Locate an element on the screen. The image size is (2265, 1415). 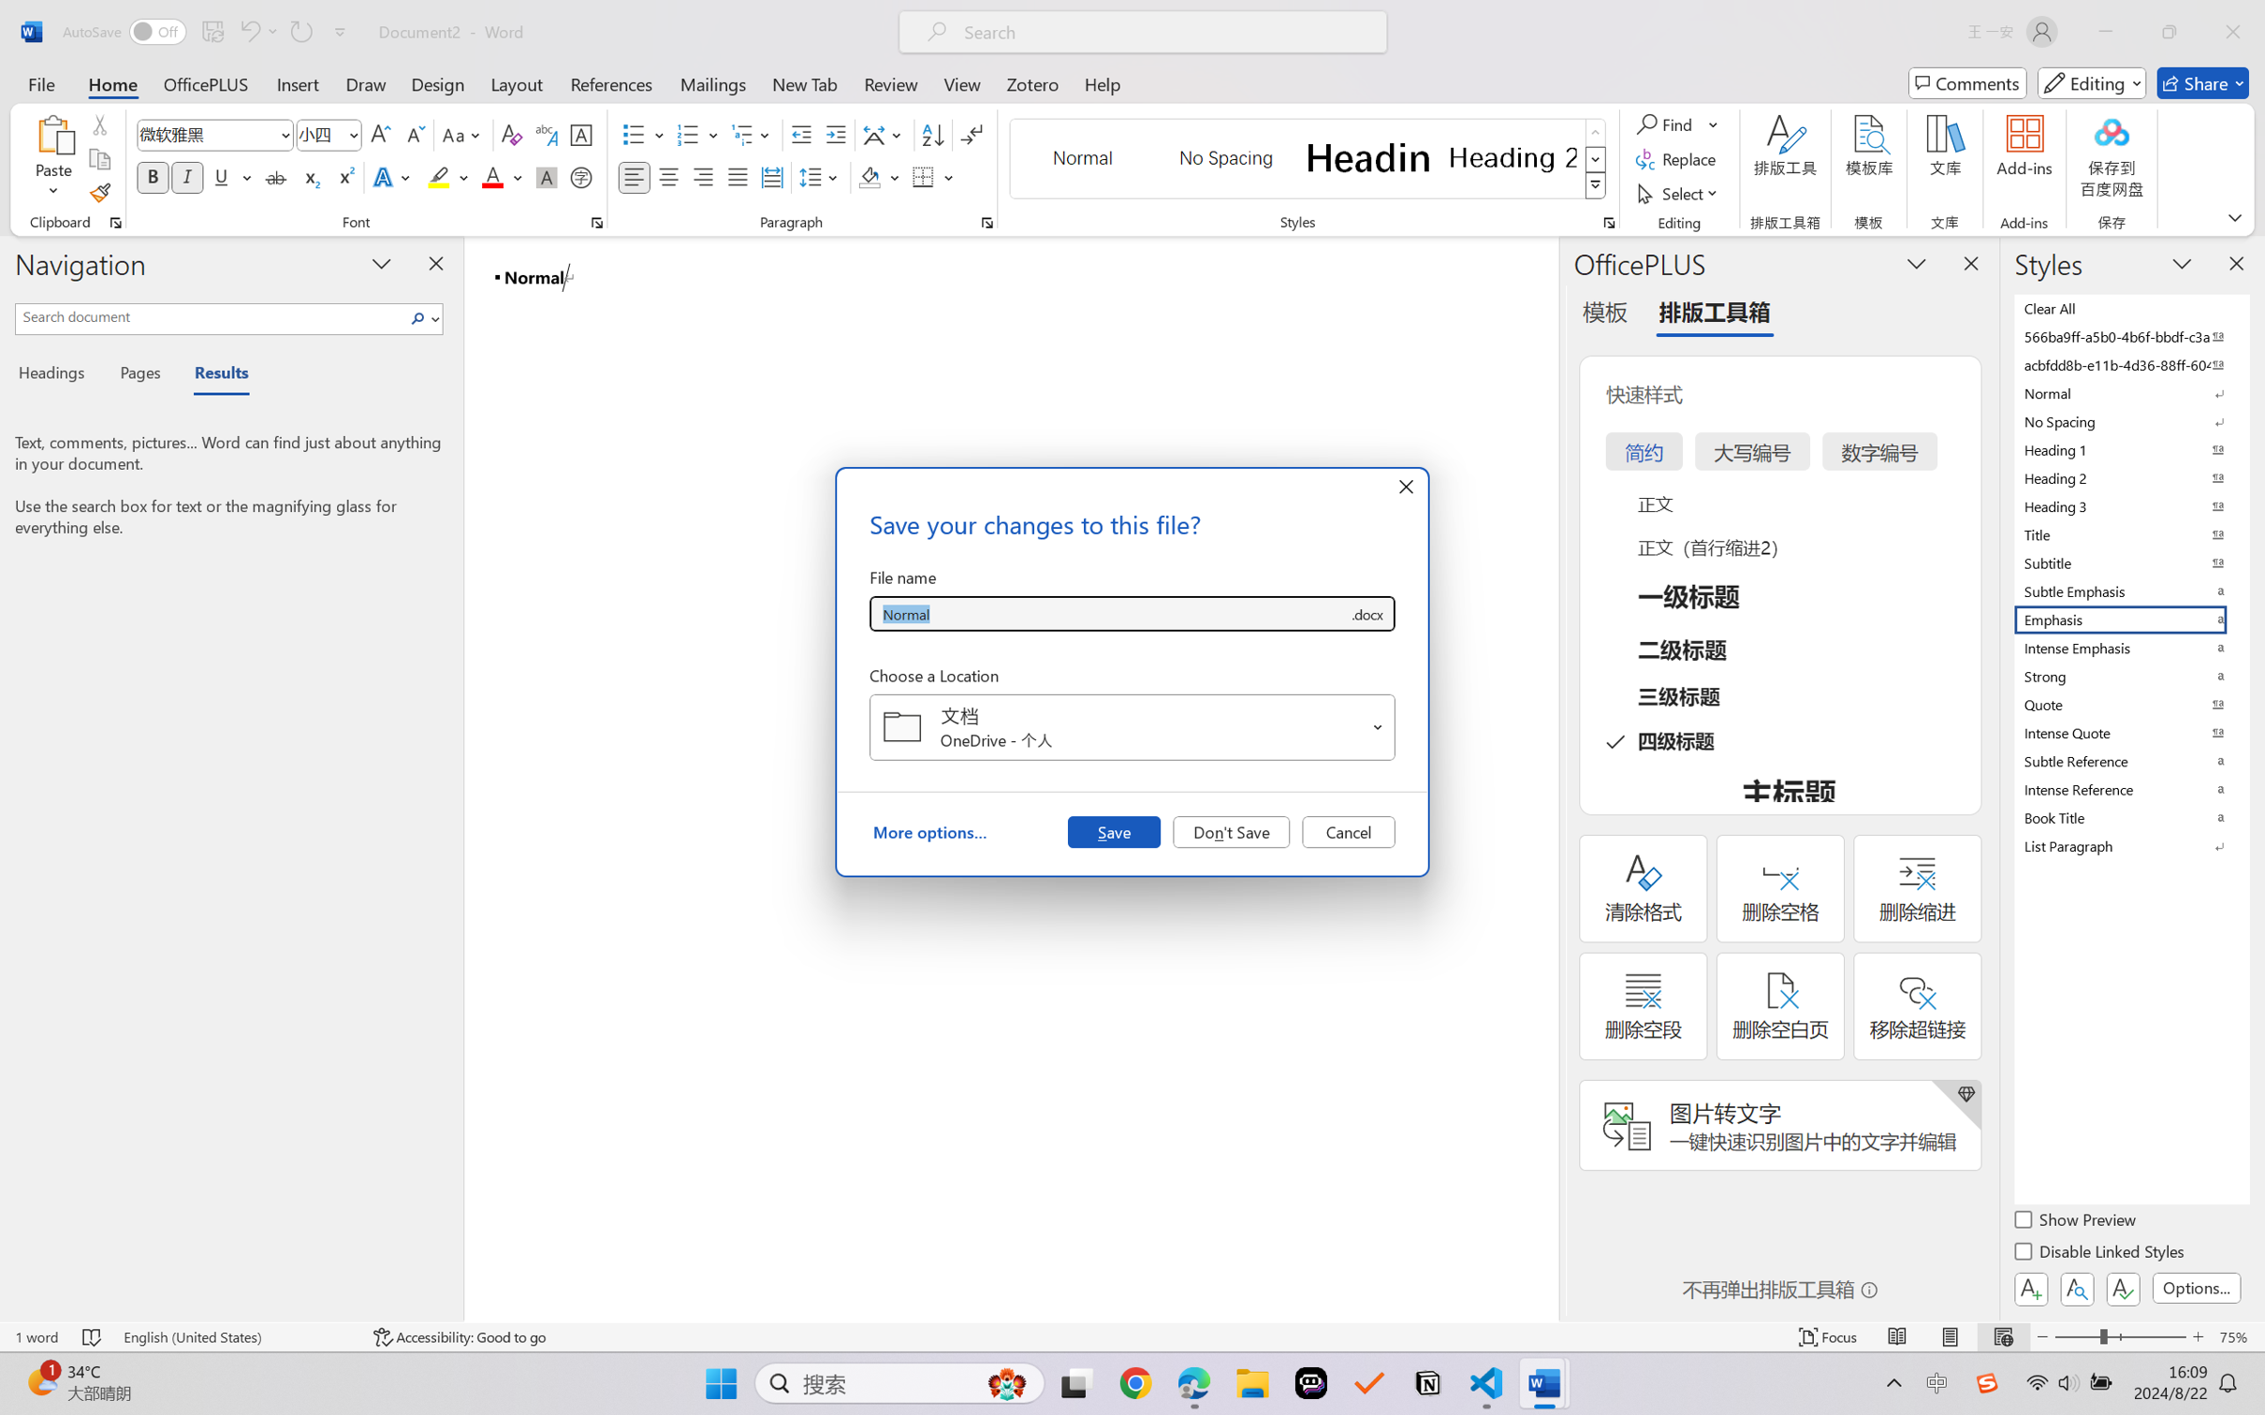
'Font Size' is located at coordinates (329, 135).